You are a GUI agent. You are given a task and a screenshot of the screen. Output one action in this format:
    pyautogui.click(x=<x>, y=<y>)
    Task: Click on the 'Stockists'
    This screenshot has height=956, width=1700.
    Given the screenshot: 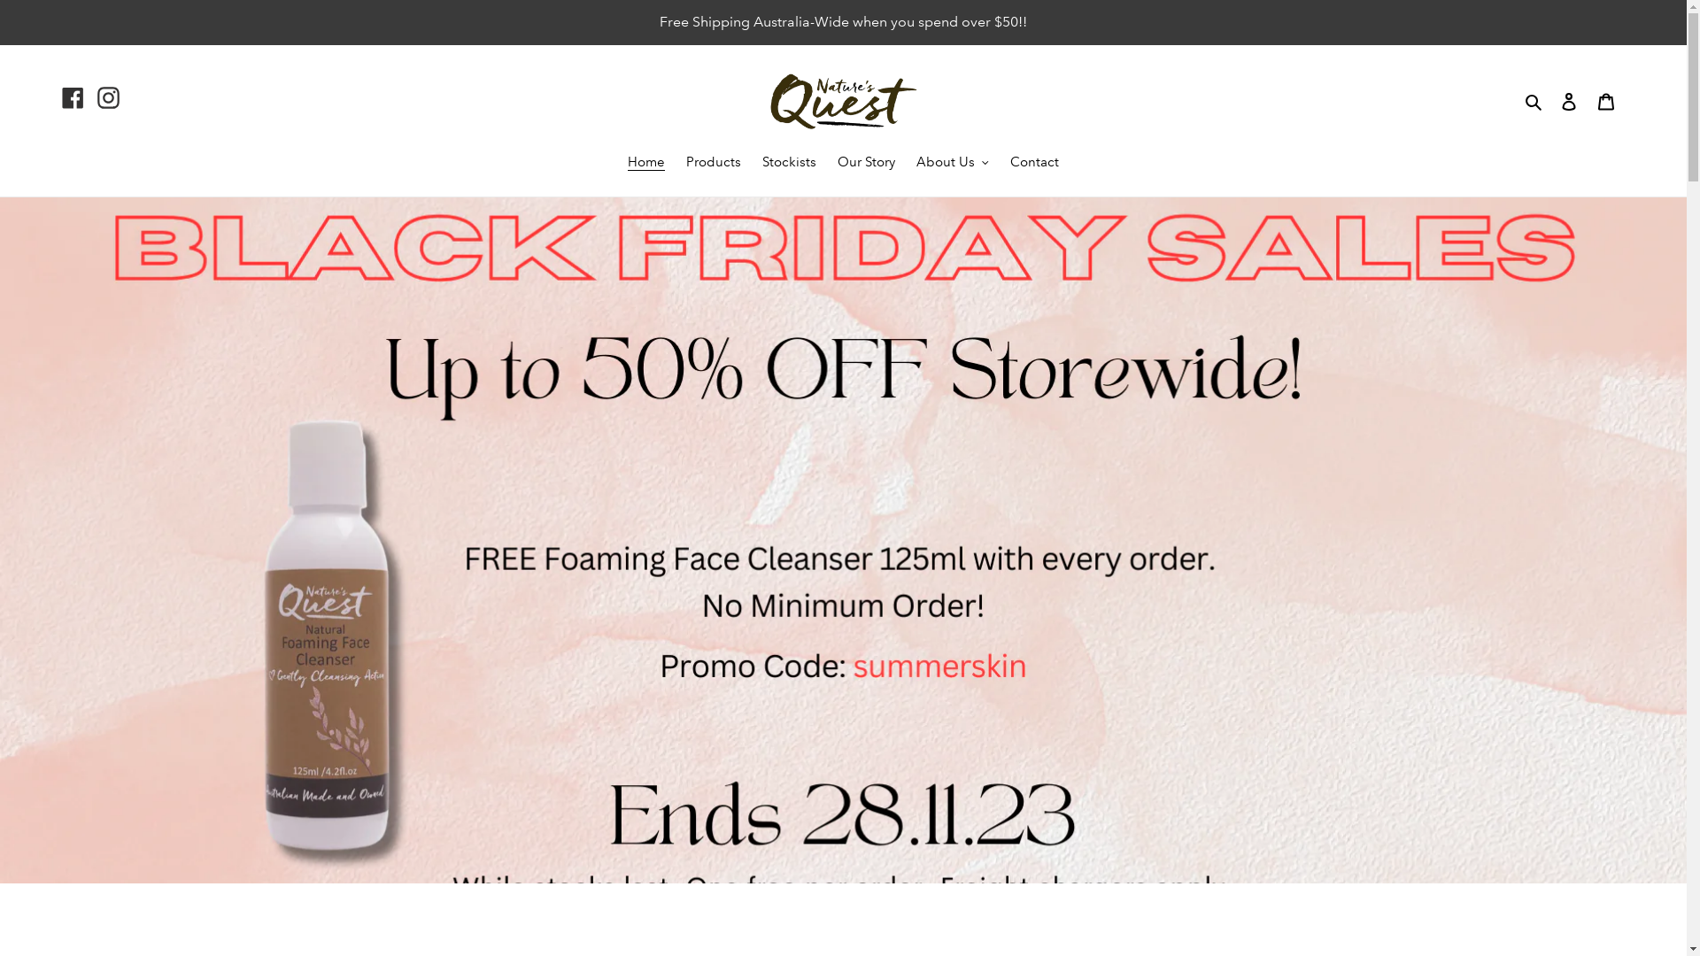 What is the action you would take?
    pyautogui.click(x=788, y=164)
    